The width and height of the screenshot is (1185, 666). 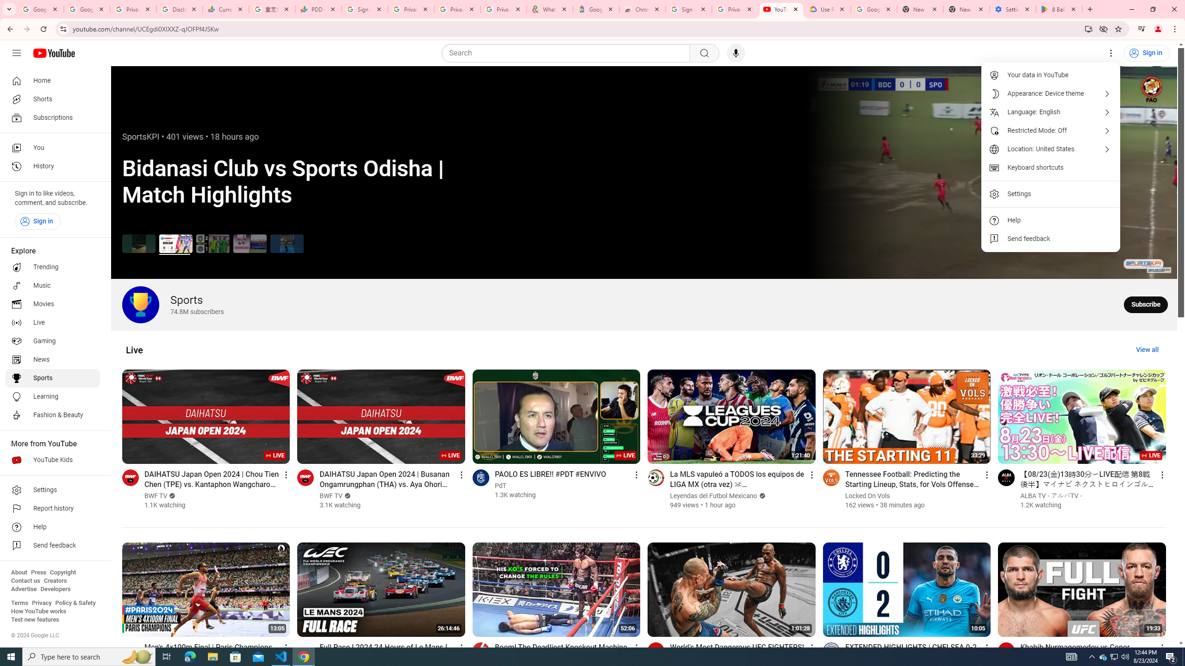 What do you see at coordinates (868, 496) in the screenshot?
I see `'Locked On Vols'` at bounding box center [868, 496].